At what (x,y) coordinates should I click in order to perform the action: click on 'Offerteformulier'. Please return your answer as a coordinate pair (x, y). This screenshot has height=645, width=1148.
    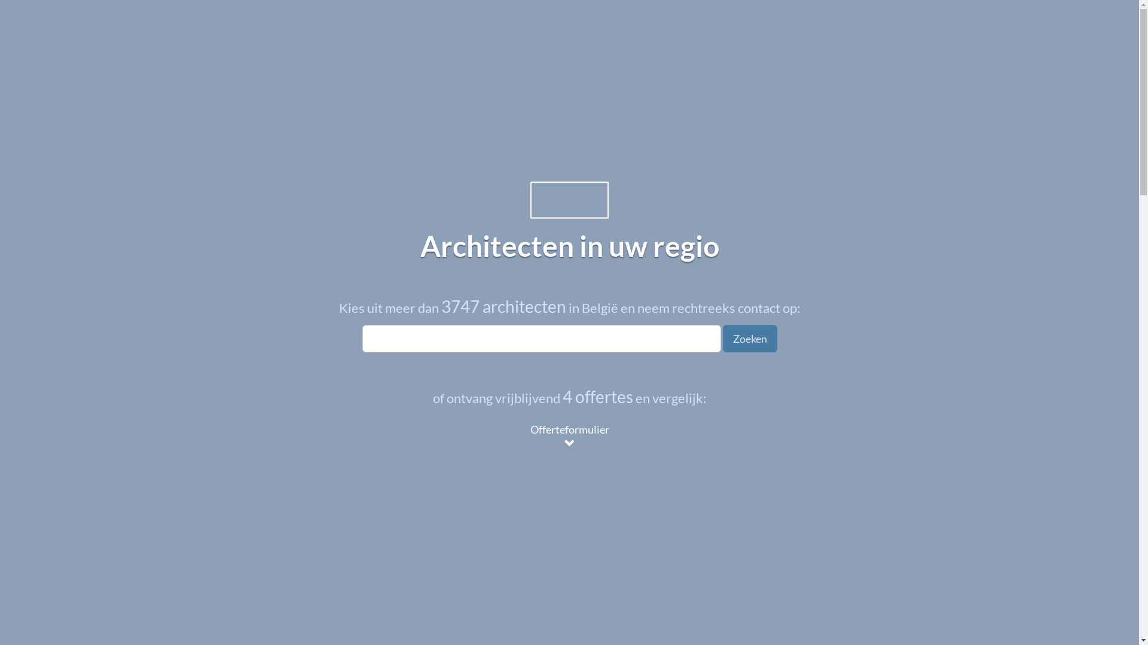
    Looking at the image, I should click on (520, 437).